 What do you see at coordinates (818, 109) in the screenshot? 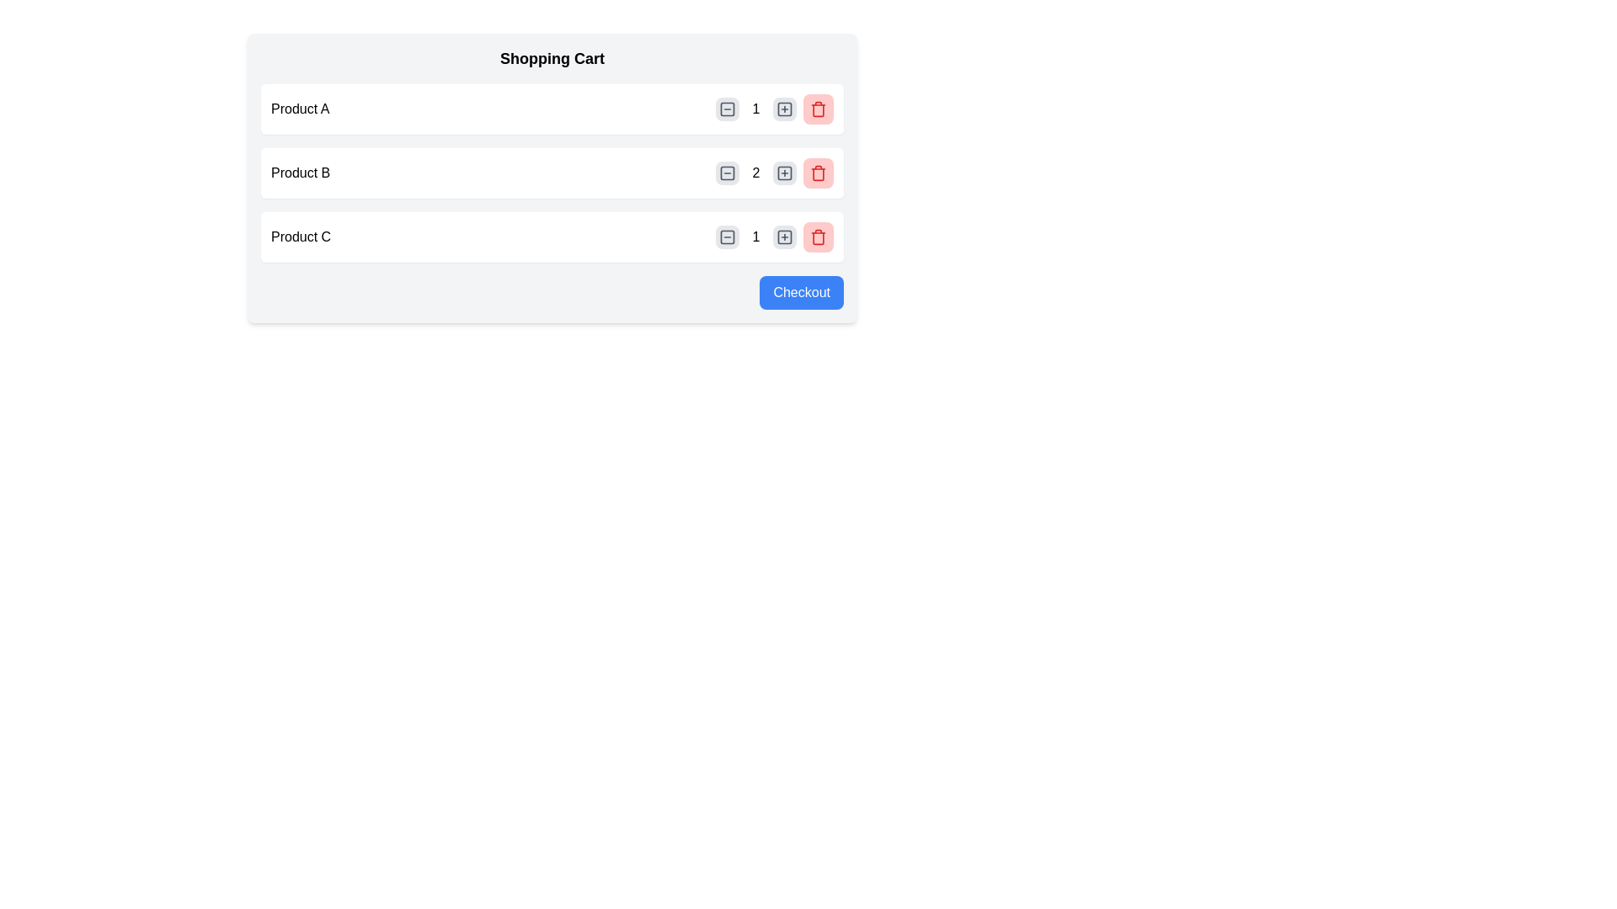
I see `the red circular button with a trash bin icon` at bounding box center [818, 109].